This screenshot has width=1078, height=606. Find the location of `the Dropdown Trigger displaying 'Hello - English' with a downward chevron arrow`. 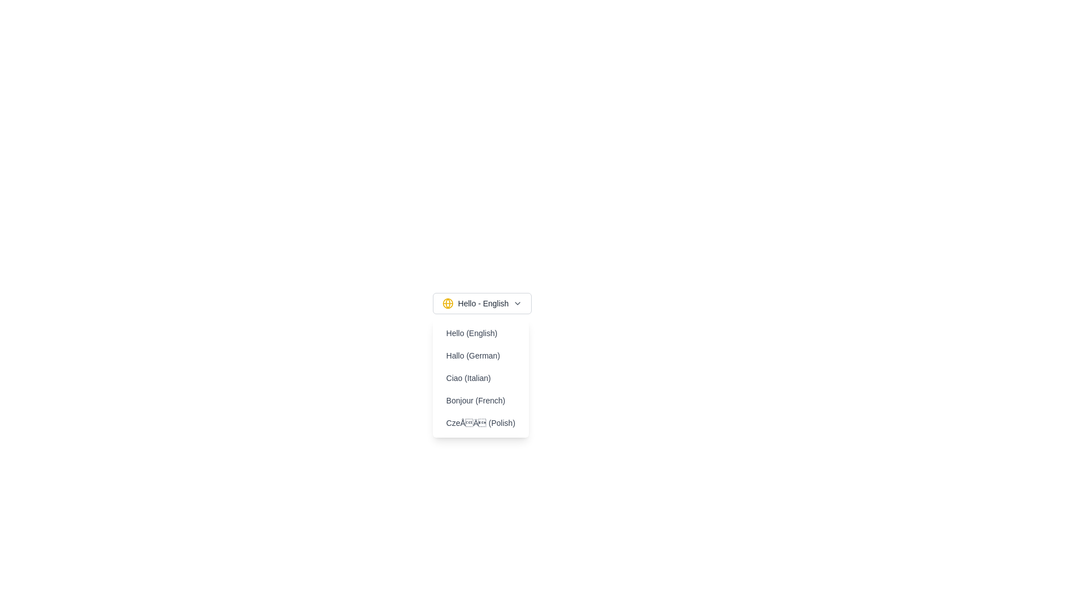

the Dropdown Trigger displaying 'Hello - English' with a downward chevron arrow is located at coordinates (482, 303).